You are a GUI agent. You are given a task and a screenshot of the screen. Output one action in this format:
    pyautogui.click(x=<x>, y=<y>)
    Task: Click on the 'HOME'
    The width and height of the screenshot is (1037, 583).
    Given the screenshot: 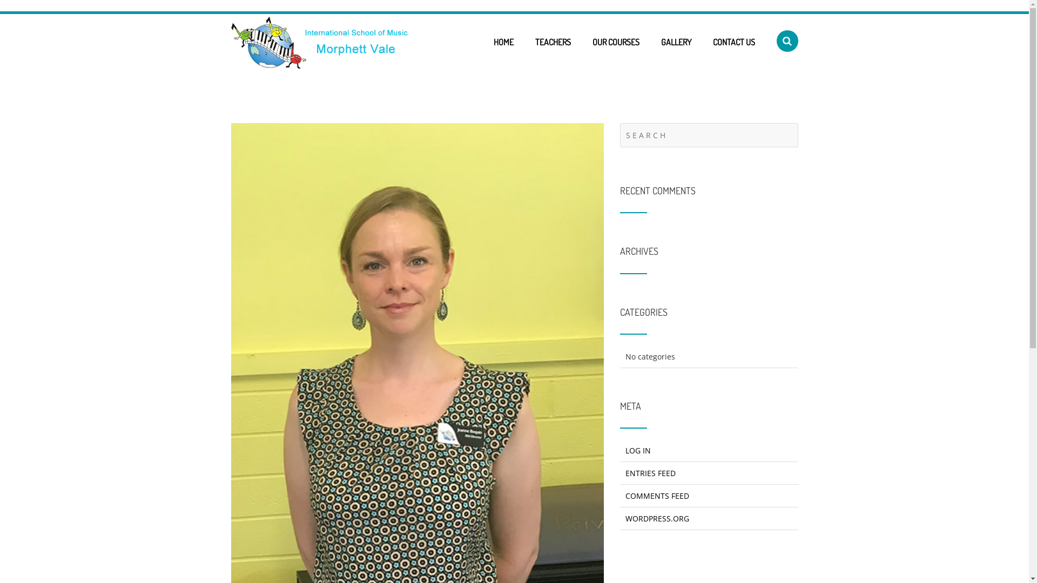 What is the action you would take?
    pyautogui.click(x=503, y=41)
    